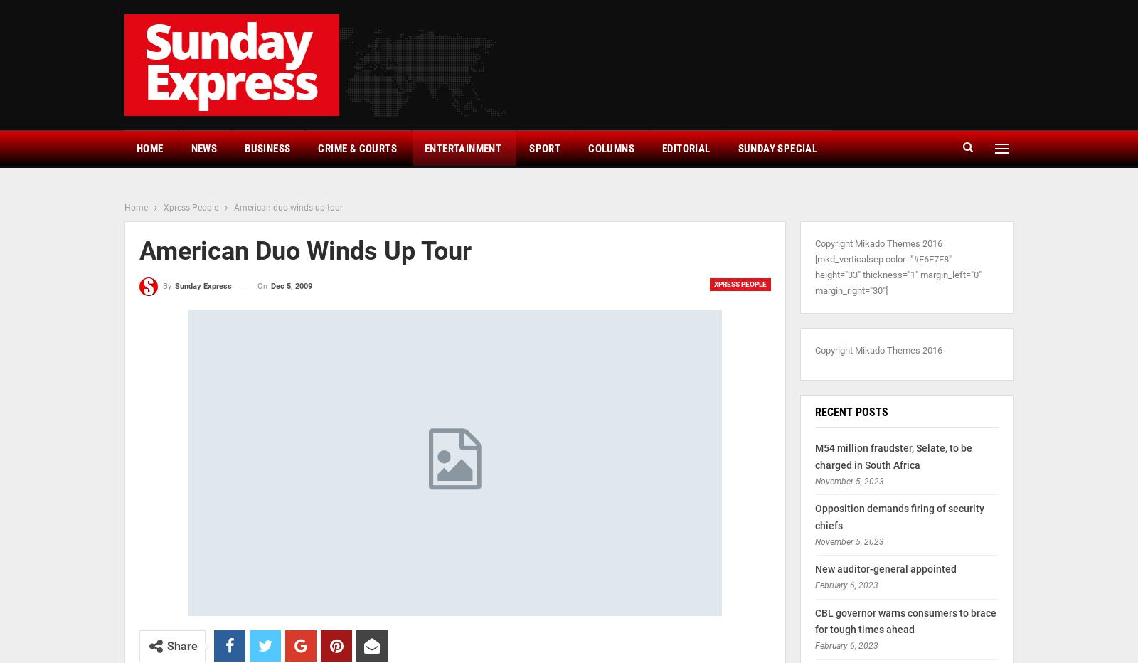  Describe the element at coordinates (777, 148) in the screenshot. I see `'Sunday Special'` at that location.